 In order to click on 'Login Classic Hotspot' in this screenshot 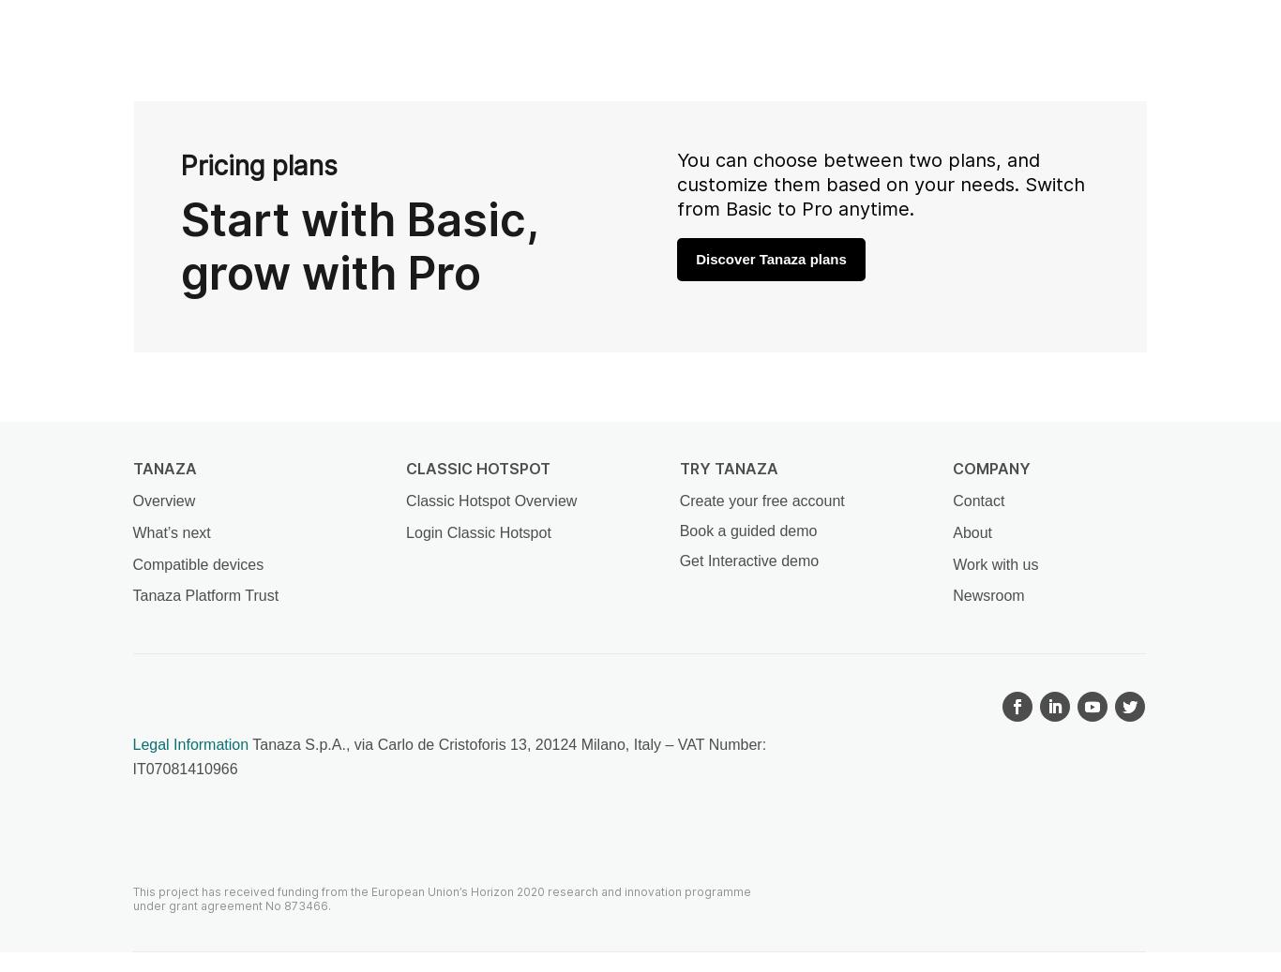, I will do `click(478, 531)`.